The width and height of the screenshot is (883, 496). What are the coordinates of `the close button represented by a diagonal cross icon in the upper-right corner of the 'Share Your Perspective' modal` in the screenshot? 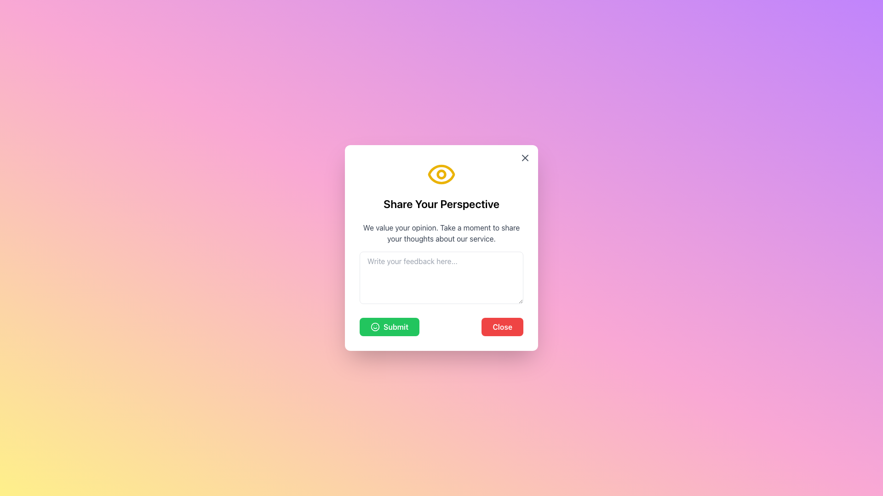 It's located at (525, 157).